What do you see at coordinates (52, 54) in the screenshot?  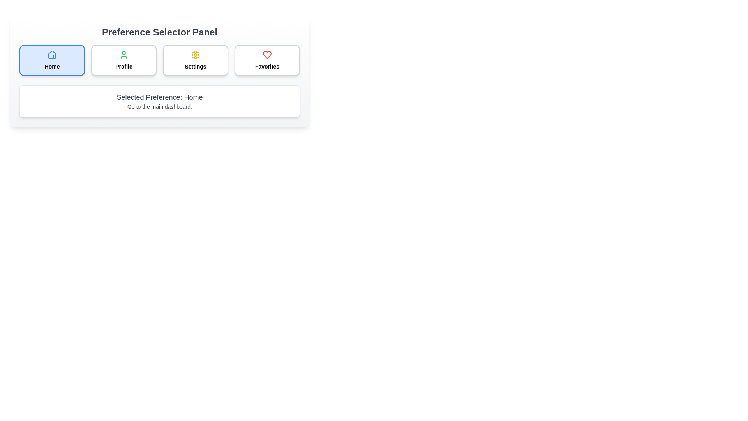 I see `the house icon within the 'Home' button at the top left of the interface` at bounding box center [52, 54].